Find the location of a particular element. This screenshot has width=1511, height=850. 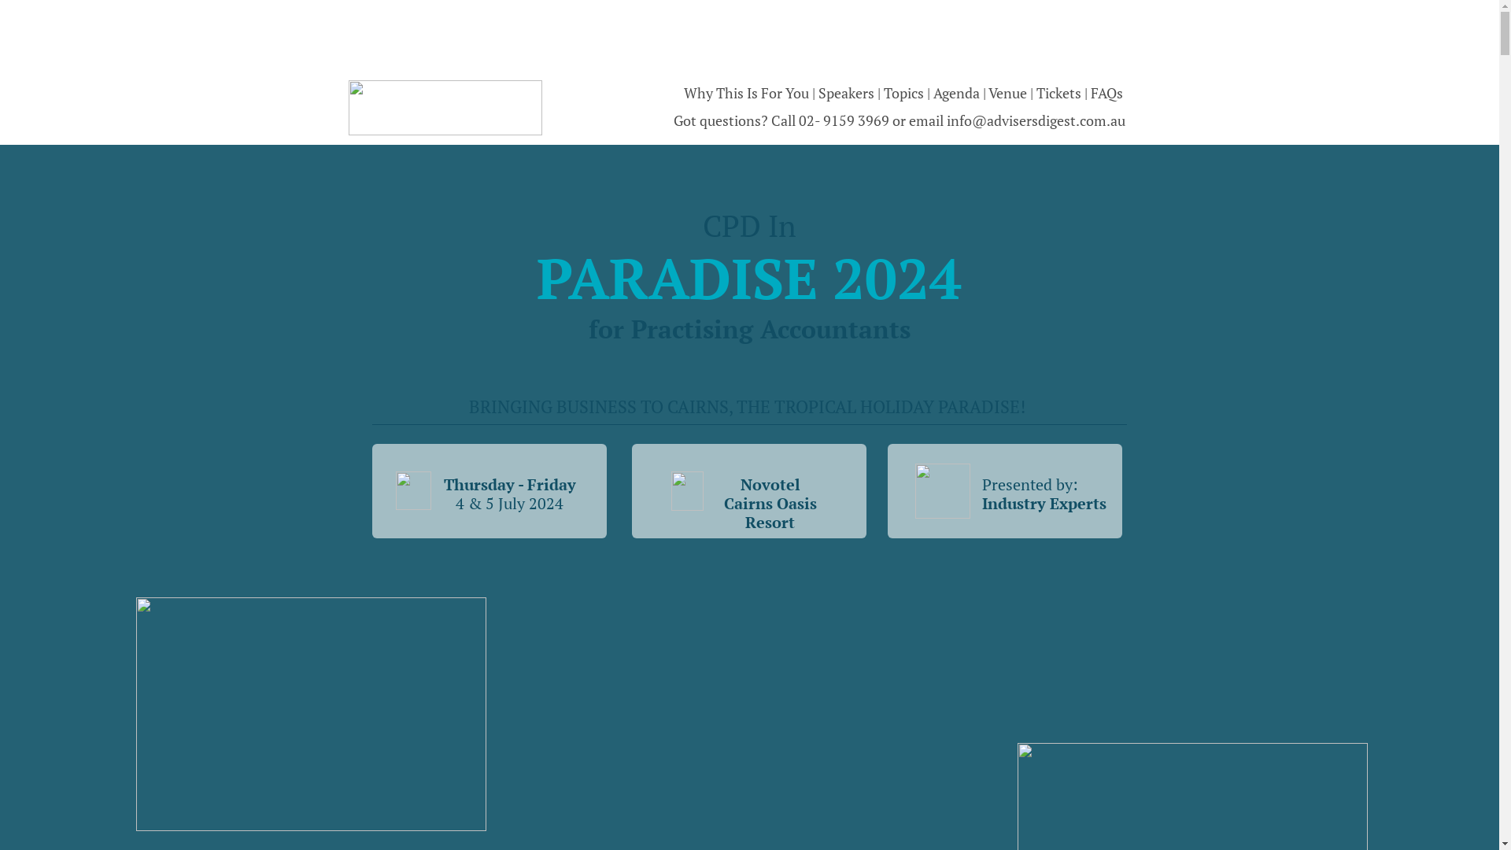

'Topics' is located at coordinates (904, 93).